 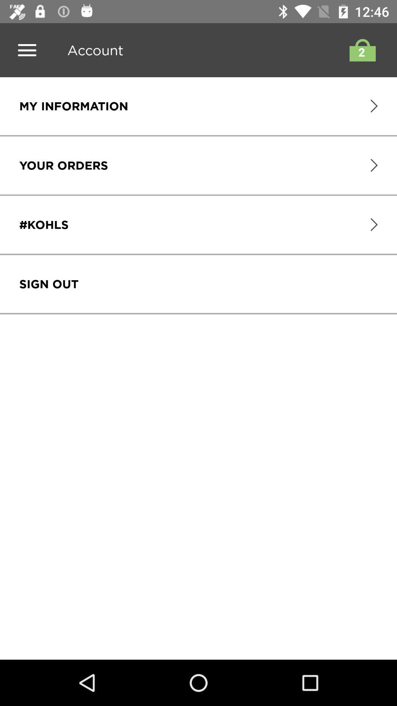 I want to click on the your orders icon, so click(x=63, y=165).